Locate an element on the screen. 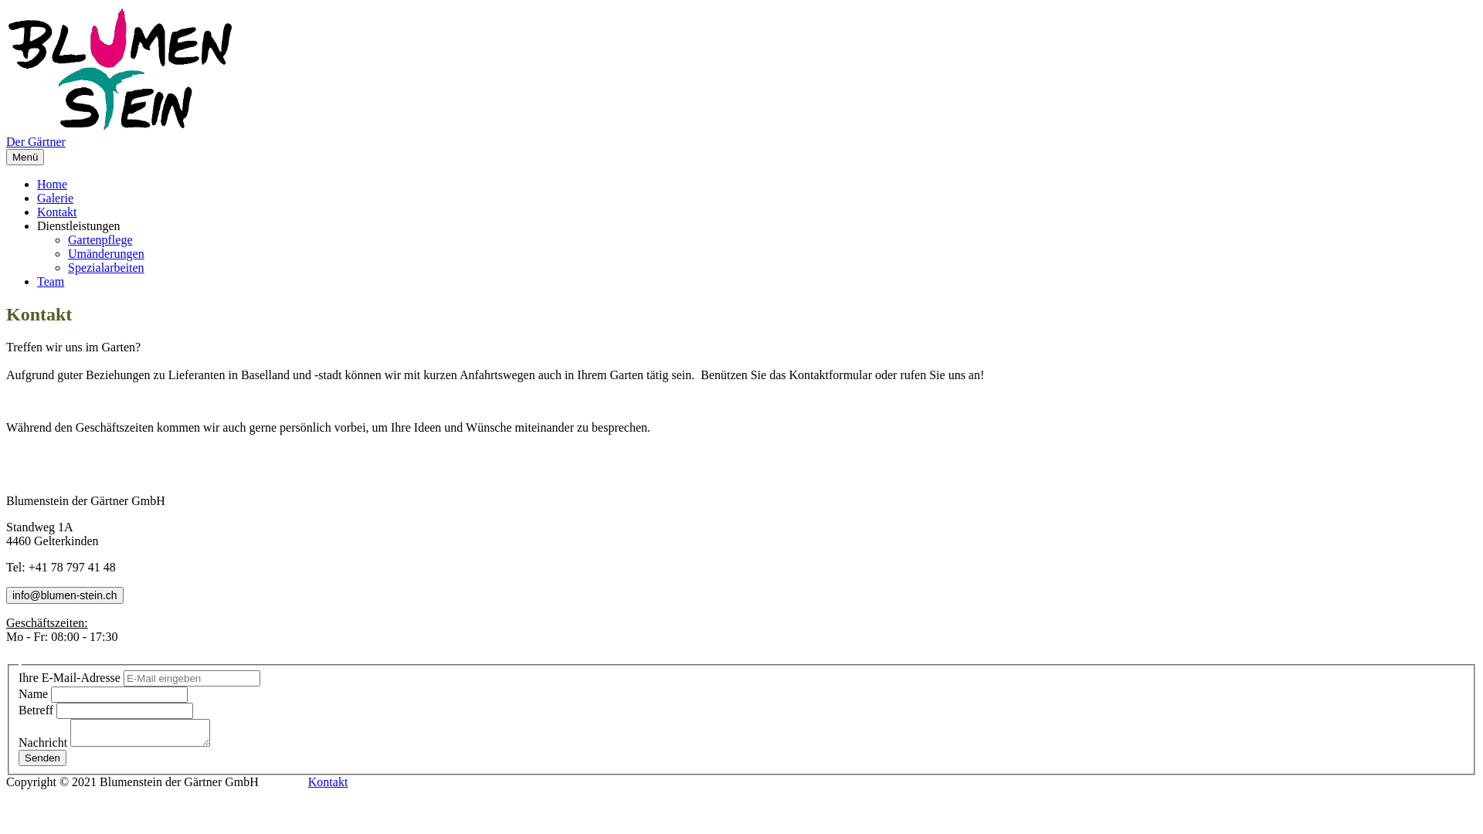  'Kontakt' is located at coordinates (327, 781).